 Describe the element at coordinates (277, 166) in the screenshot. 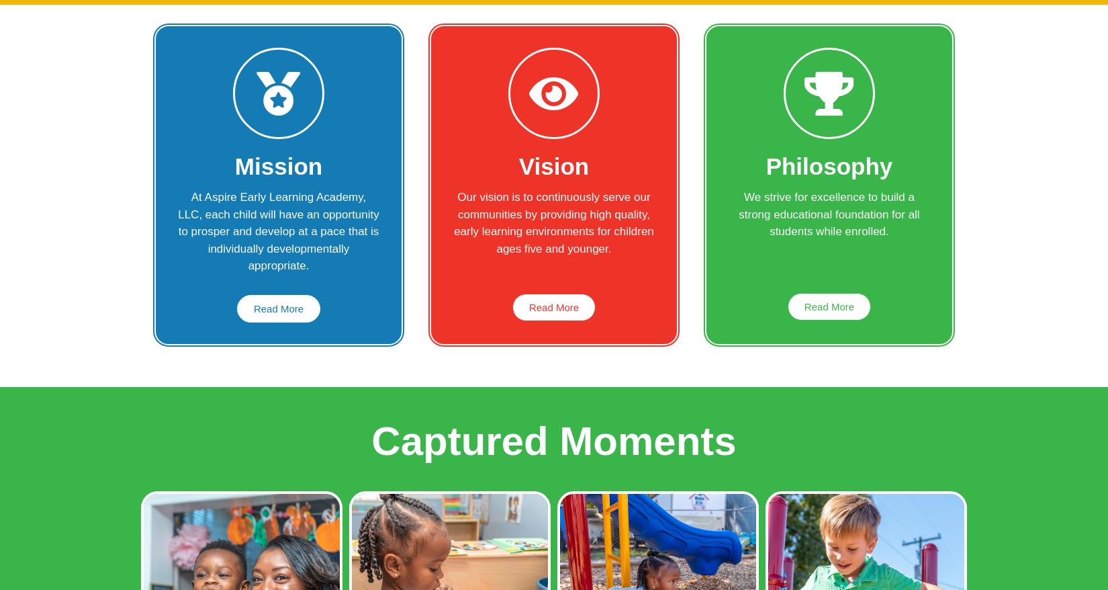

I see `'Mission'` at that location.